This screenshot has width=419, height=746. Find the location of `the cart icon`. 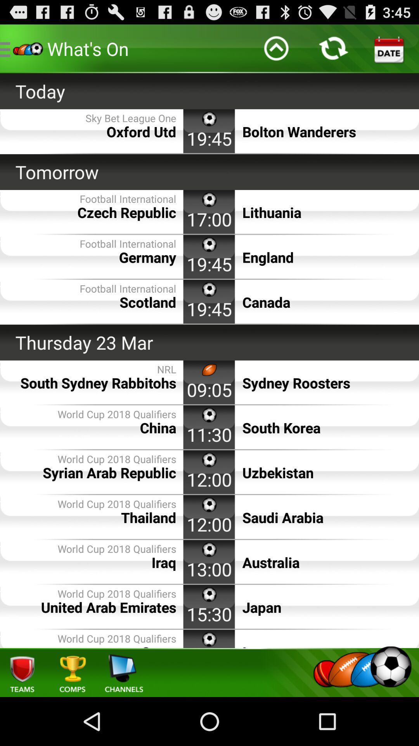

the cart icon is located at coordinates (75, 715).